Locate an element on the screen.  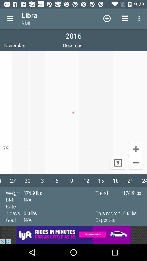
open options is located at coordinates (10, 18).